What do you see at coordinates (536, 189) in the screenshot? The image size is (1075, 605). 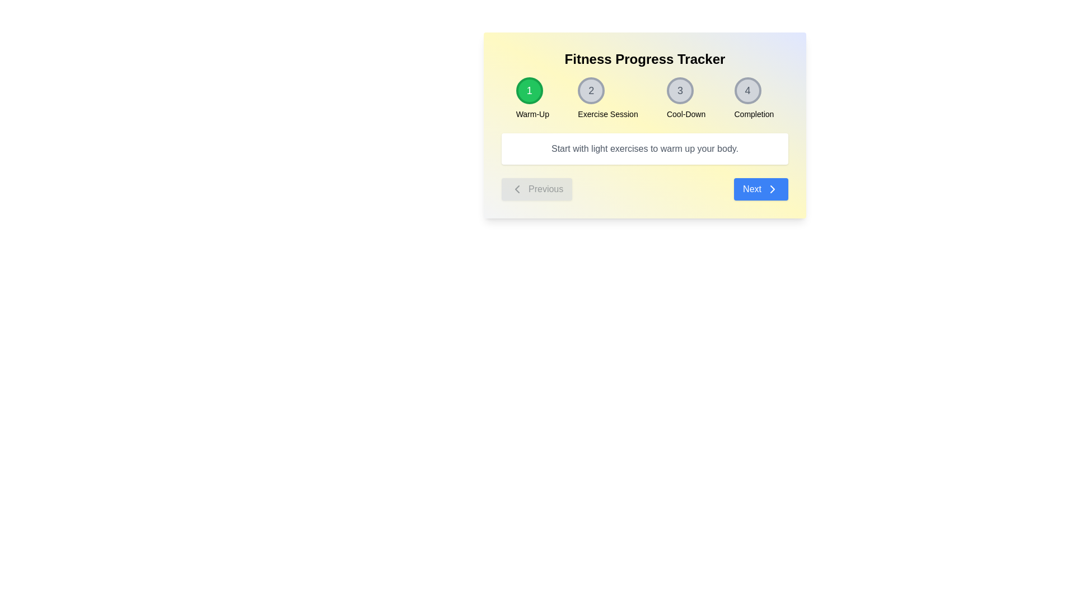 I see `the 'Previous' button, which is a rounded button with gray text and a left-pointing arrow icon` at bounding box center [536, 189].